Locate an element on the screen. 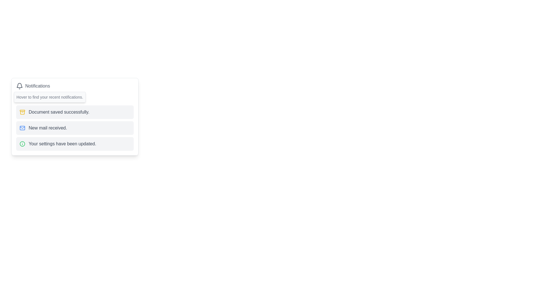 The image size is (545, 306). notification that indicates the user's settings have been successfully updated, which is the third element in a vertical list of notifications is located at coordinates (75, 144).